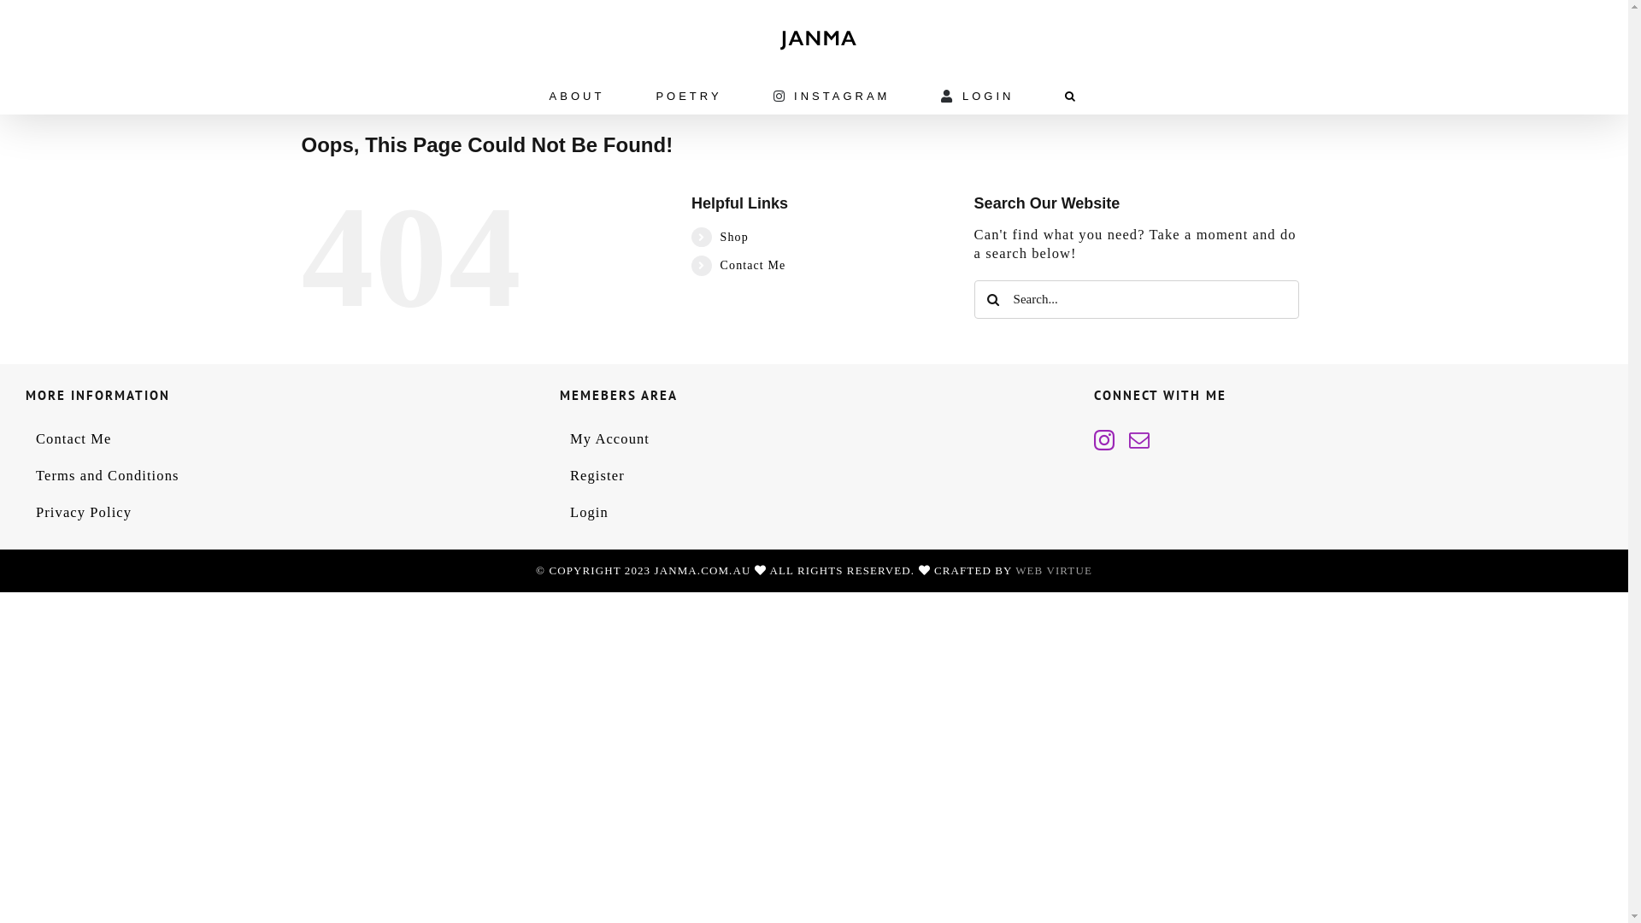 This screenshot has width=1641, height=923. I want to click on 'POETRY', so click(629, 95).